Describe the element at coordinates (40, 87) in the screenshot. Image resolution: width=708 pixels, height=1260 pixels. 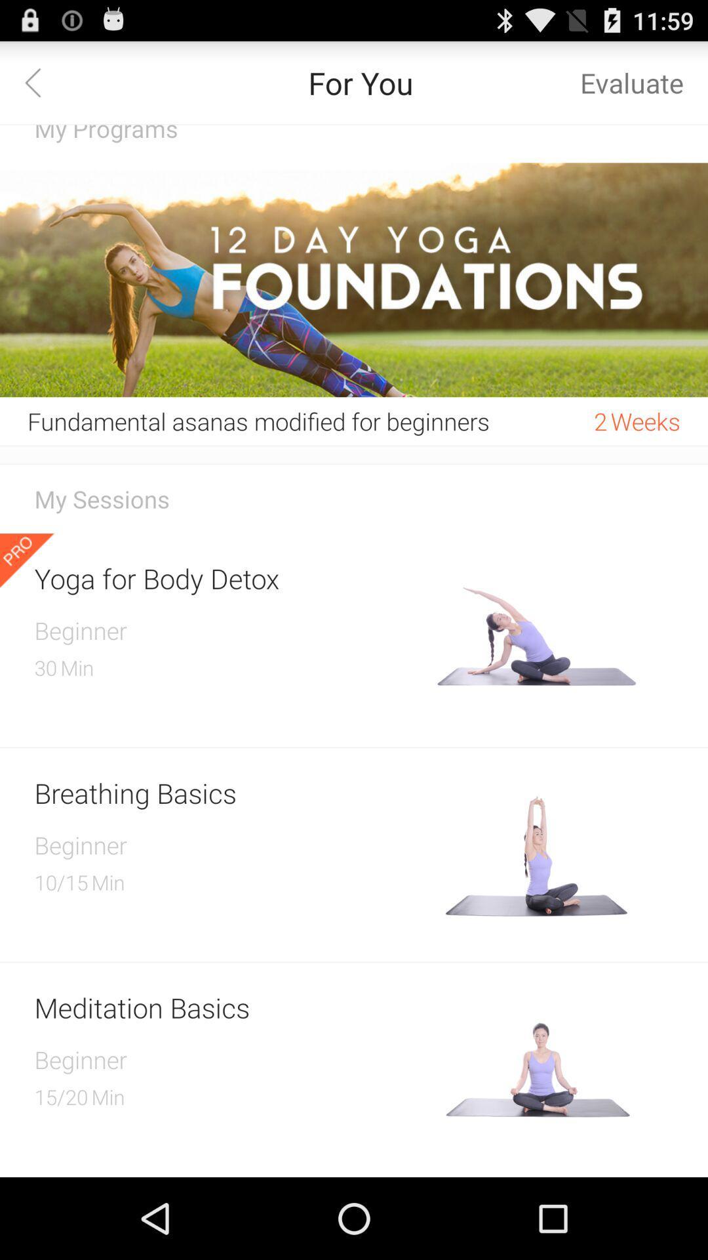
I see `the arrow_backward icon` at that location.